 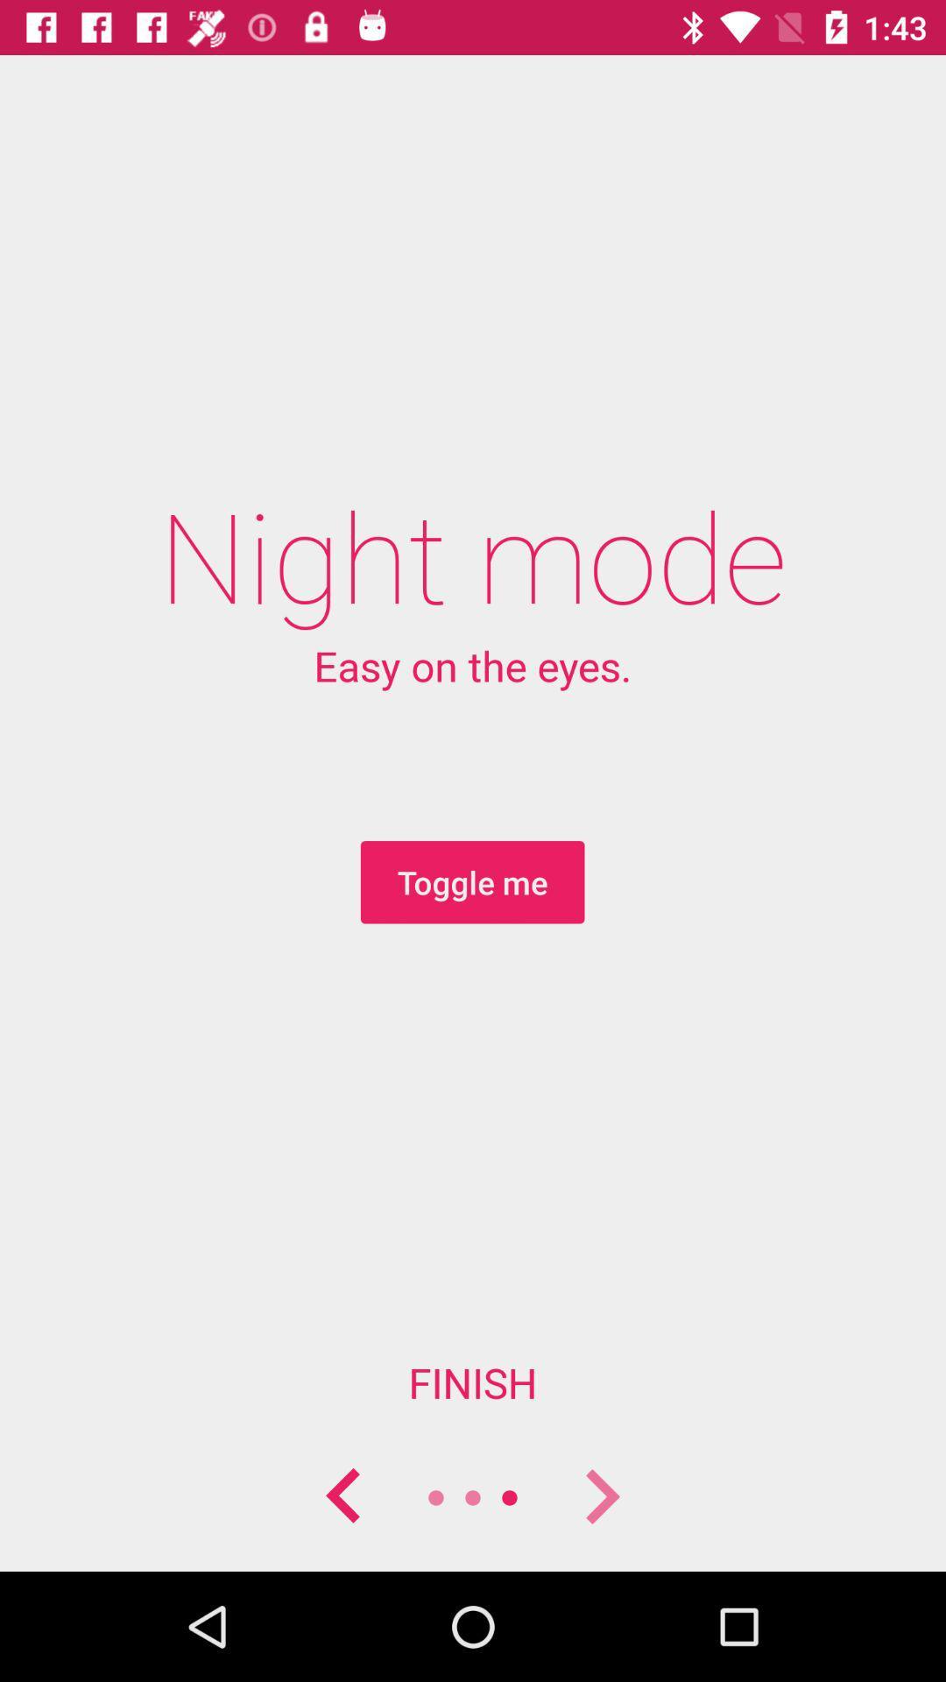 I want to click on the toggle me icon, so click(x=471, y=882).